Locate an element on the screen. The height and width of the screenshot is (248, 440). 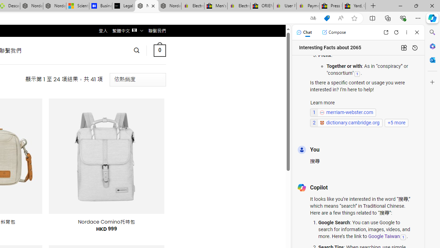
'Payments Terms of Use | eBay.com' is located at coordinates (308, 6).